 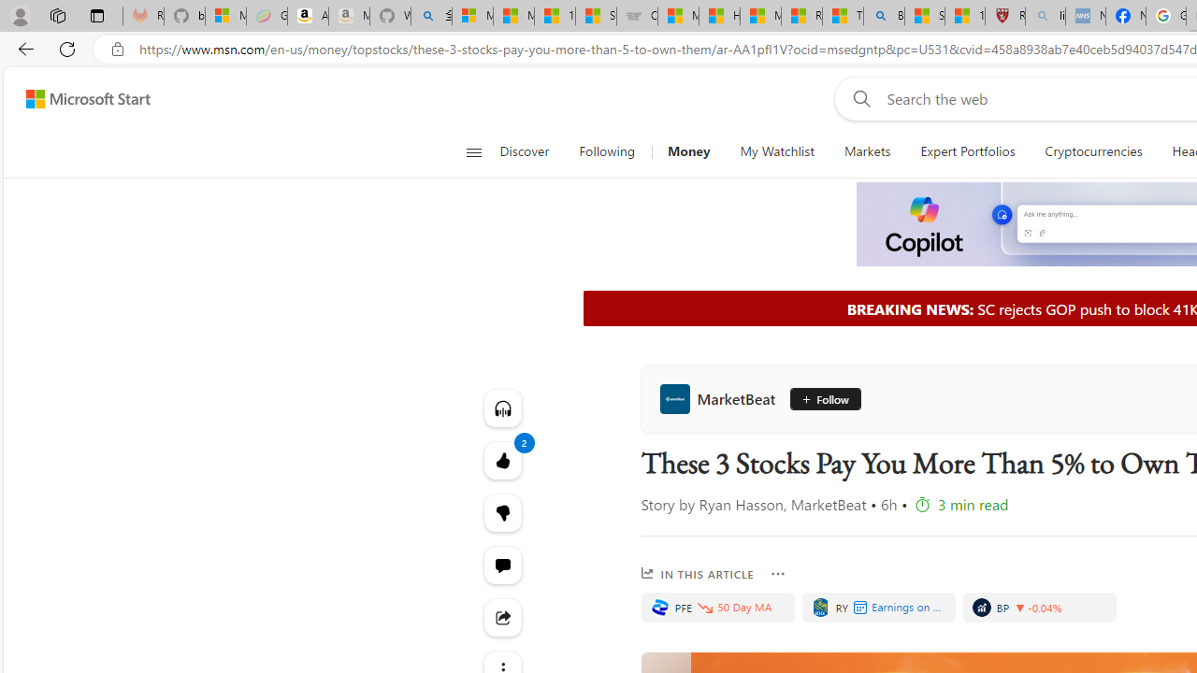 I want to click on 'Class: button-glyph', so click(x=473, y=151).